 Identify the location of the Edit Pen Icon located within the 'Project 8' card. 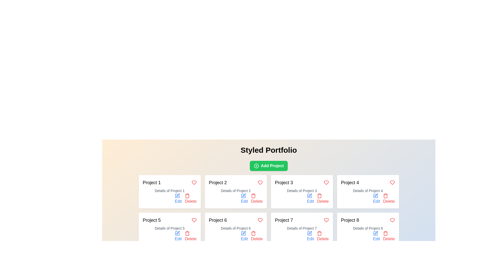
(376, 233).